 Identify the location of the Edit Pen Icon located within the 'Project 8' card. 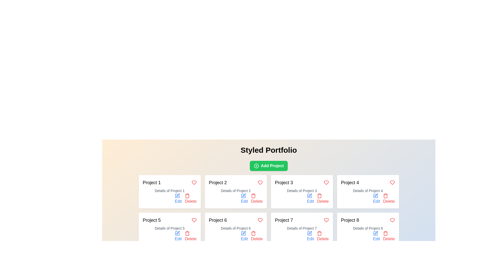
(376, 233).